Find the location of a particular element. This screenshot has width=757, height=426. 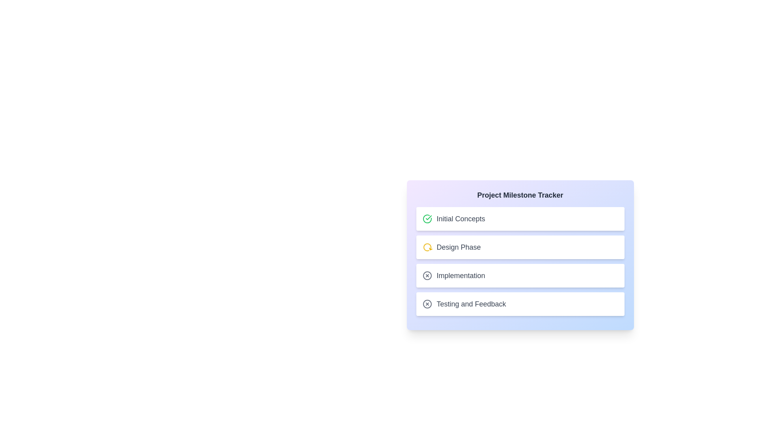

the text label 'Initial Concepts' which is part of the milestone tracker, styled in gray bold font, located at the top left section of the milestone list, adjacent to a green check icon is located at coordinates (461, 219).